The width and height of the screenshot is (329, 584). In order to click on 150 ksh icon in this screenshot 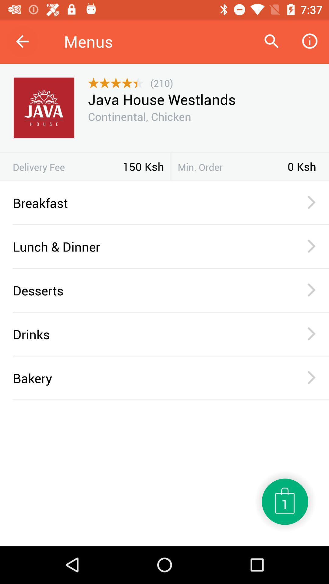, I will do `click(143, 166)`.